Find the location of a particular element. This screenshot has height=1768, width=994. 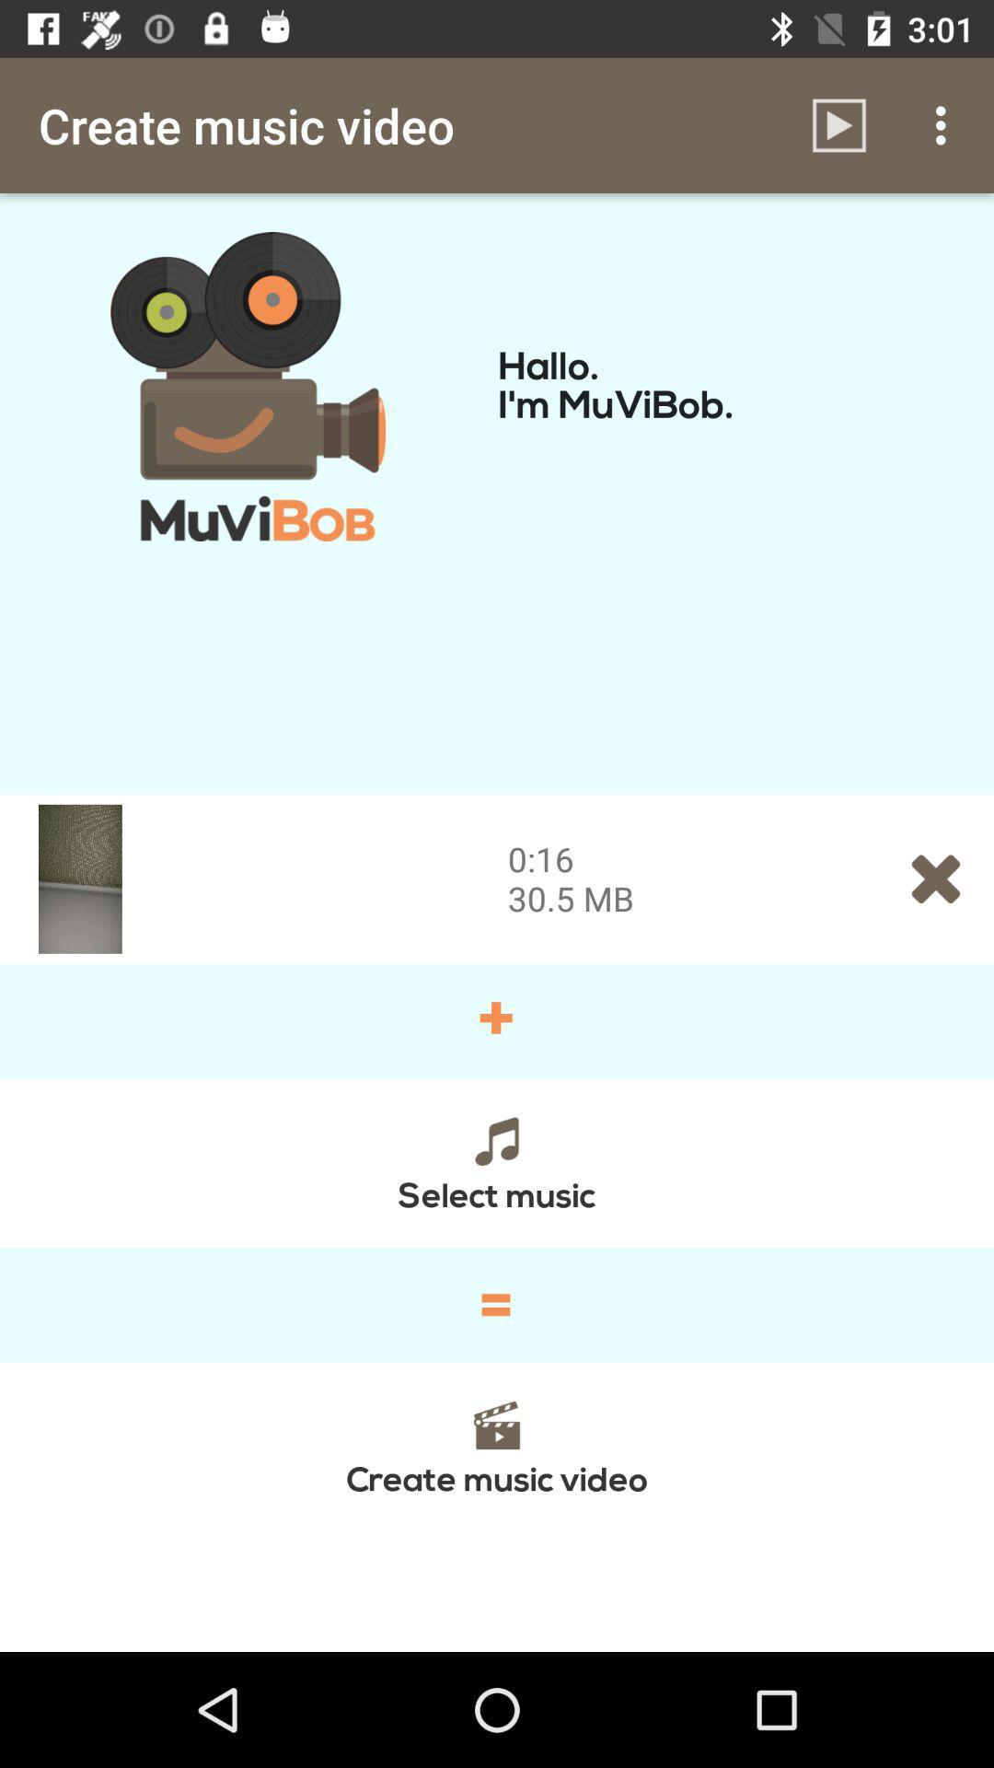

the icon above hallo i m item is located at coordinates (945, 124).